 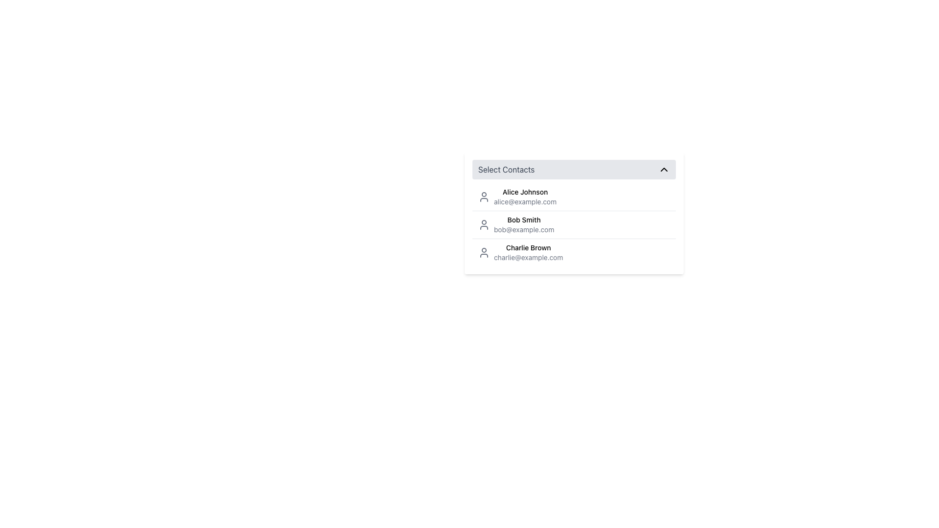 What do you see at coordinates (525, 201) in the screenshot?
I see `the text label displaying the email address 'alice@example.com', which is styled in small gray text and located below the name 'Alice Johnson' in the contact list` at bounding box center [525, 201].